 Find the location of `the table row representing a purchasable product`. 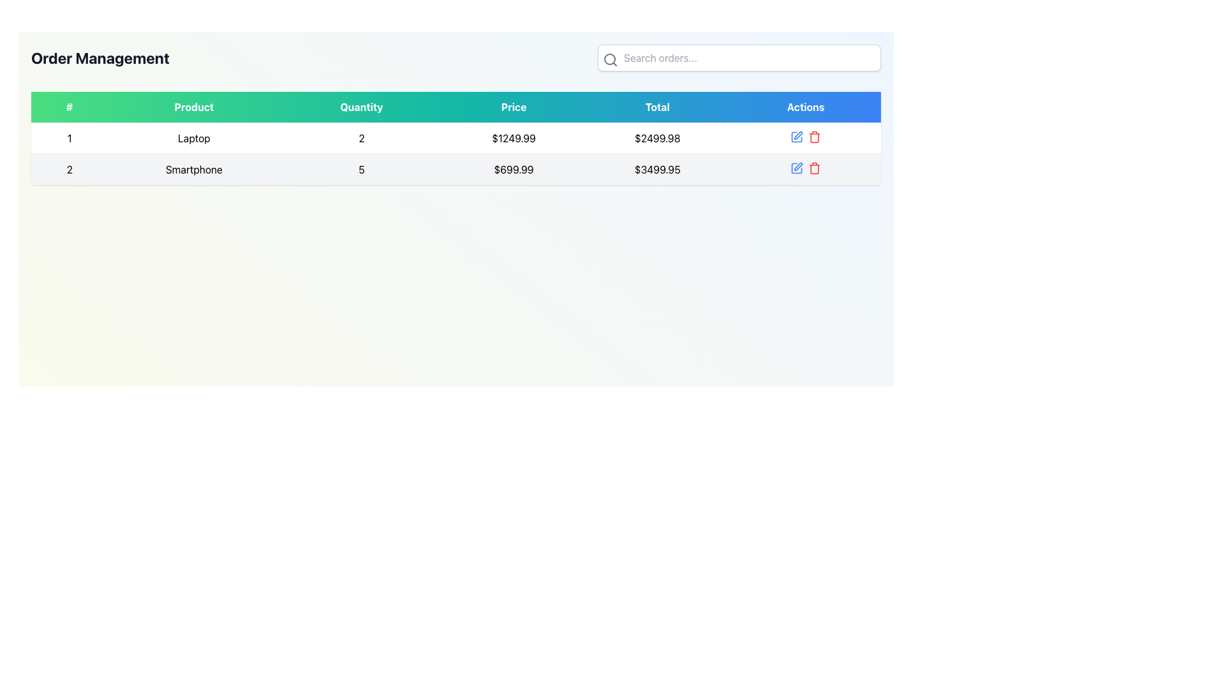

the table row representing a purchasable product is located at coordinates (456, 138).